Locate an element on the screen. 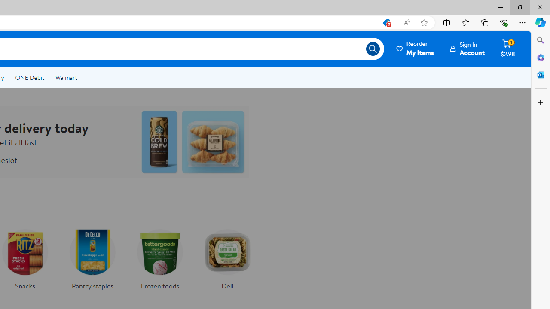 The width and height of the screenshot is (550, 309). 'Frozen foods' is located at coordinates (159, 257).